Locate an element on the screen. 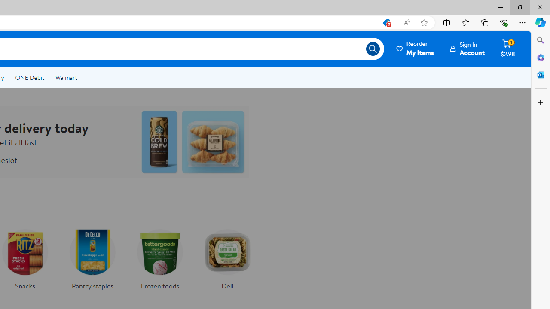 The width and height of the screenshot is (550, 309). 'Frozen foods' is located at coordinates (159, 257).